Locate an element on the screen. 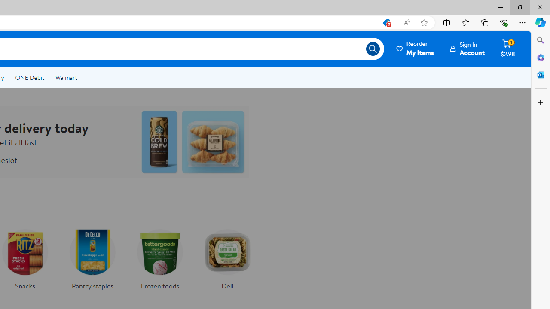 The width and height of the screenshot is (550, 309). 'Frozen foods' is located at coordinates (159, 257).